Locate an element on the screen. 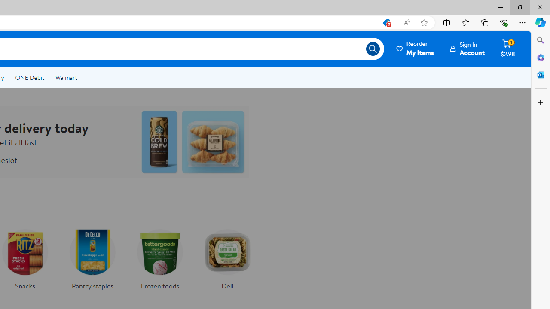 The width and height of the screenshot is (550, 309). 'Frozen foods' is located at coordinates (159, 257).